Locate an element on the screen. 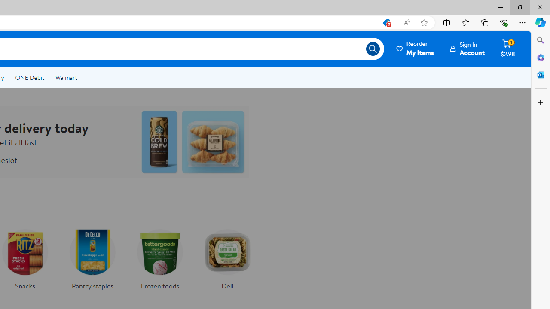 The width and height of the screenshot is (550, 309). 'Frozen foods' is located at coordinates (159, 257).